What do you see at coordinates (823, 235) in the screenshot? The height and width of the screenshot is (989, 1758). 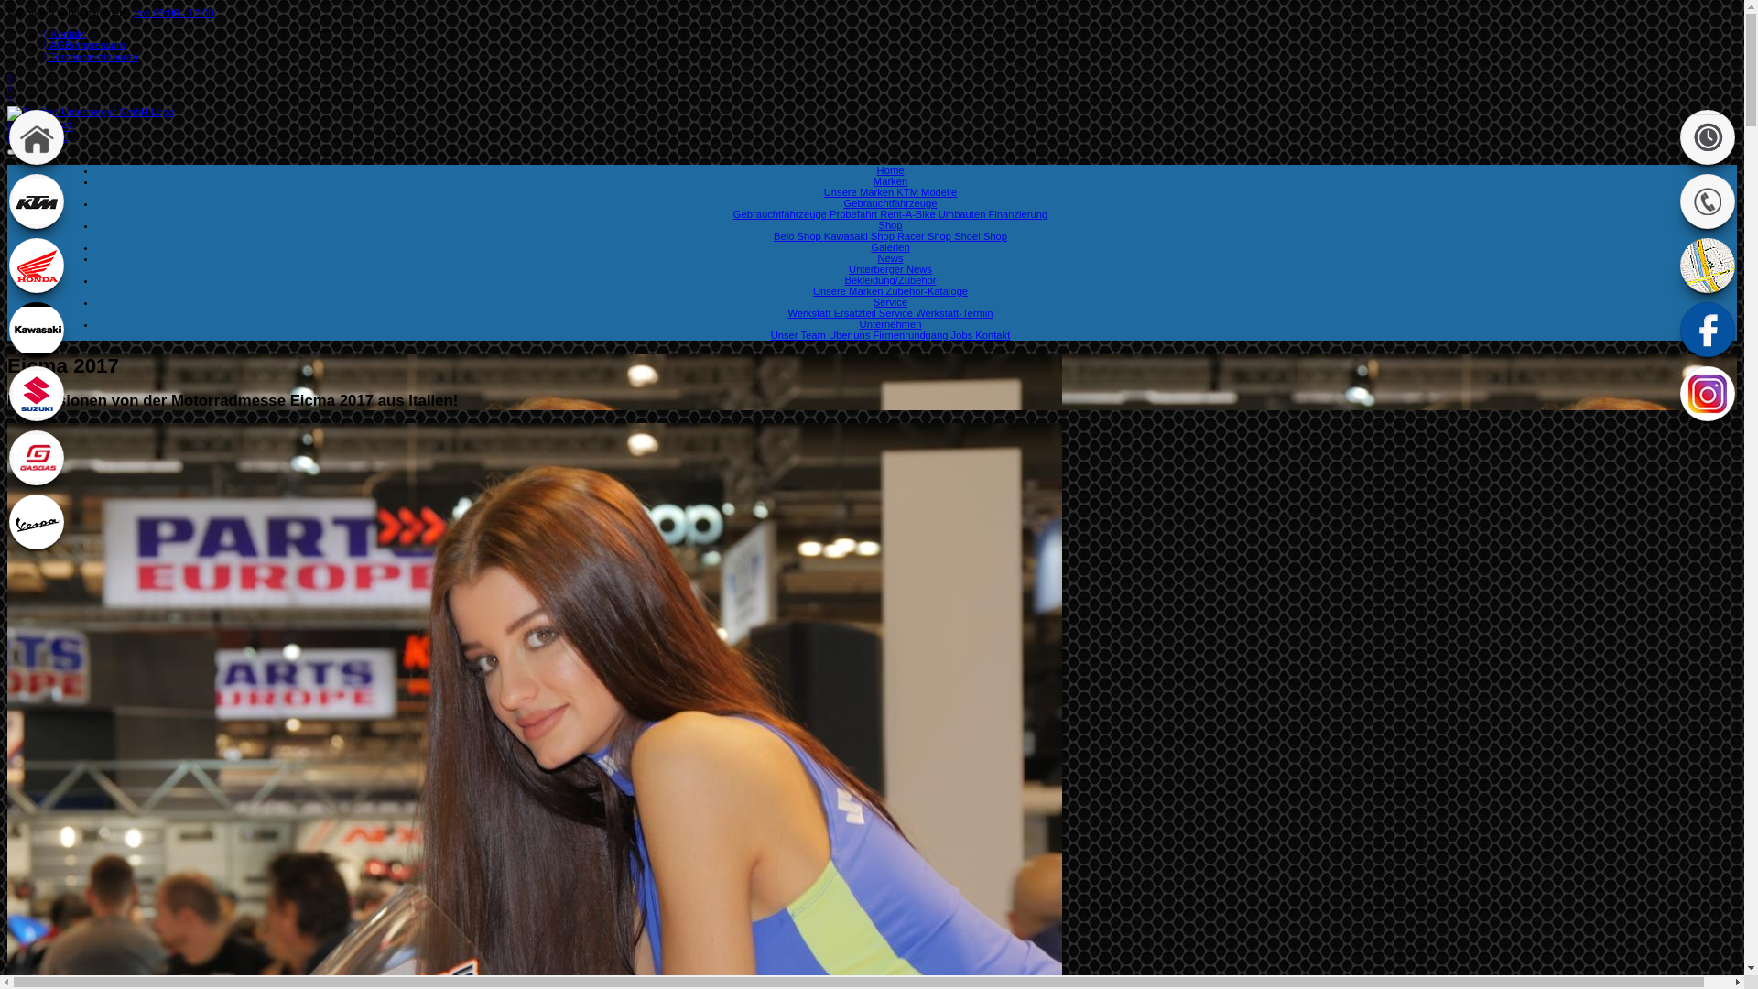 I see `'Kawasaki Shop'` at bounding box center [823, 235].